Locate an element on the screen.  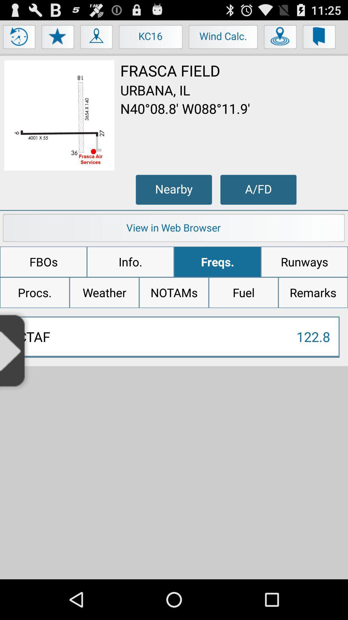
tap for map is located at coordinates (97, 38).